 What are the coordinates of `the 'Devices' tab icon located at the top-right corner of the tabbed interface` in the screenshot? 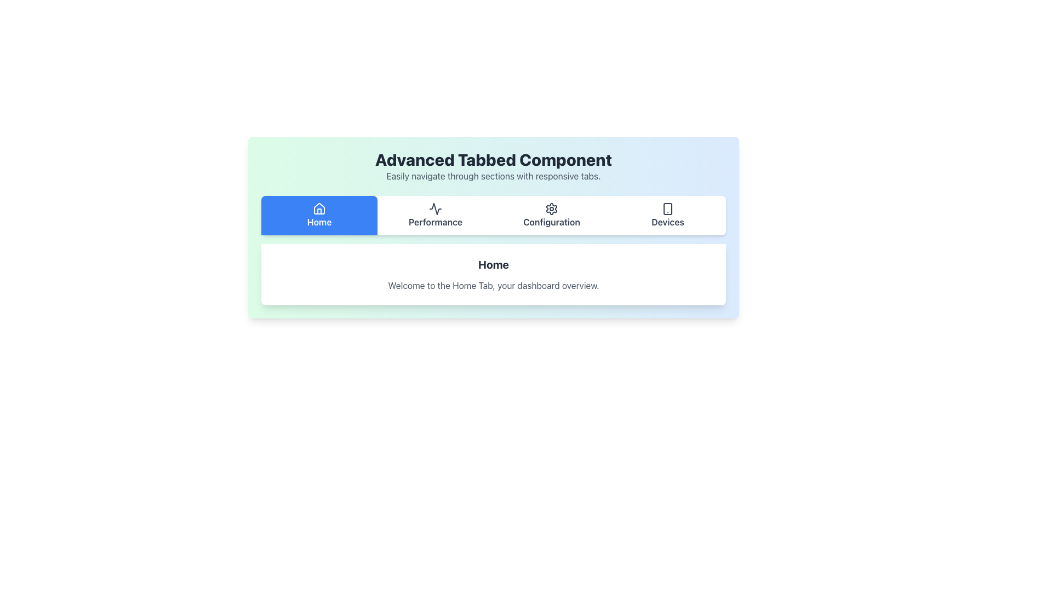 It's located at (667, 208).